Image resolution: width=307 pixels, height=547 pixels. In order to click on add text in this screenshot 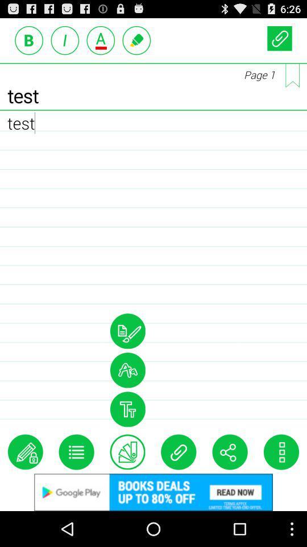, I will do `click(101, 40)`.